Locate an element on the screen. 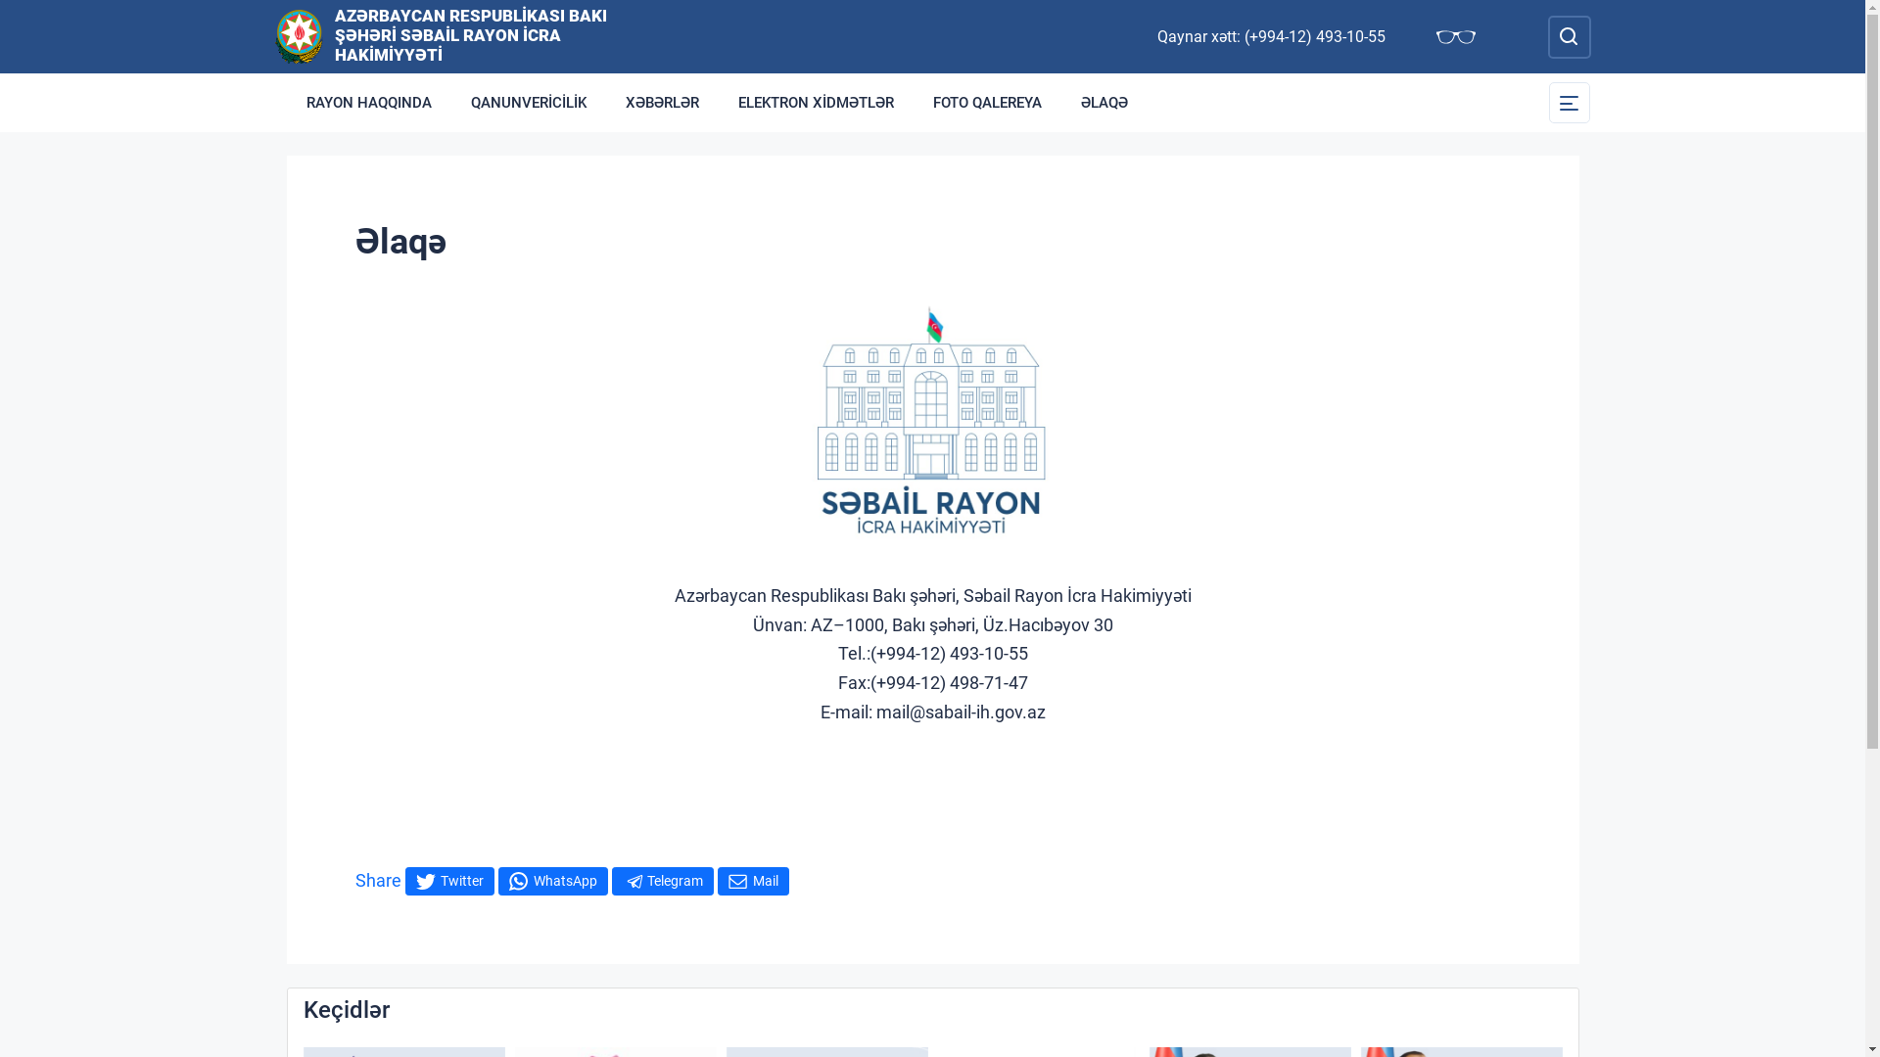 This screenshot has width=1880, height=1057. 'Mail' is located at coordinates (751, 881).